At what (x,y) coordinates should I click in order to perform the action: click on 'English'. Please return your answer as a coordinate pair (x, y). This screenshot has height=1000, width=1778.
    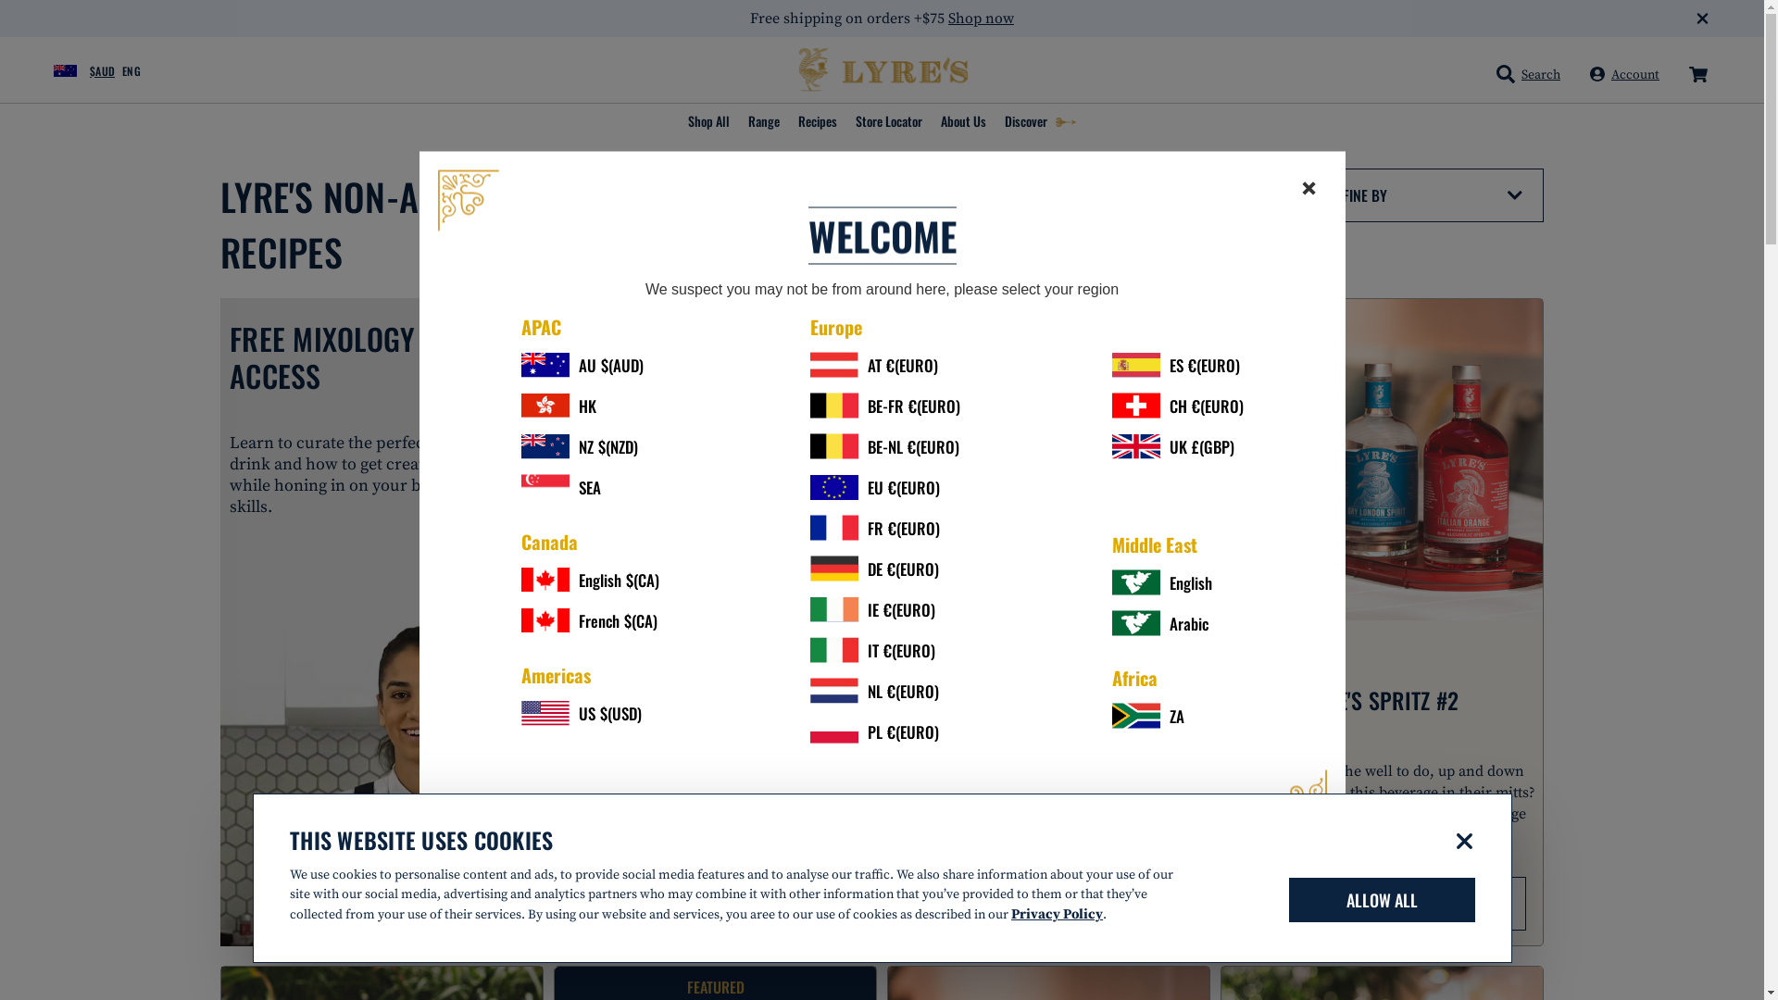
    Looking at the image, I should click on (1176, 581).